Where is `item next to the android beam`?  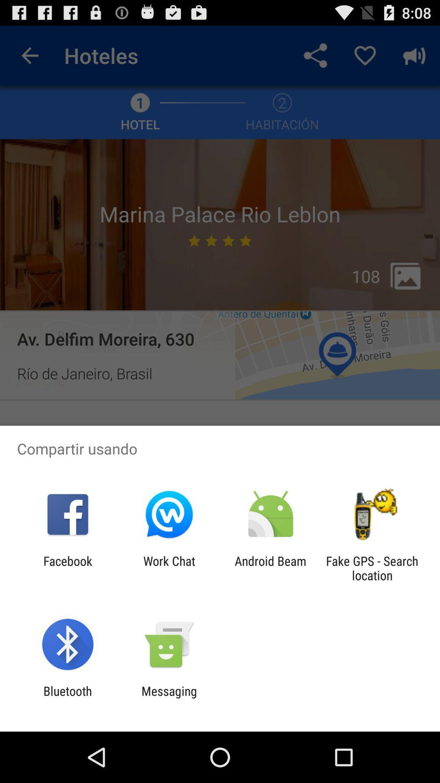 item next to the android beam is located at coordinates (372, 568).